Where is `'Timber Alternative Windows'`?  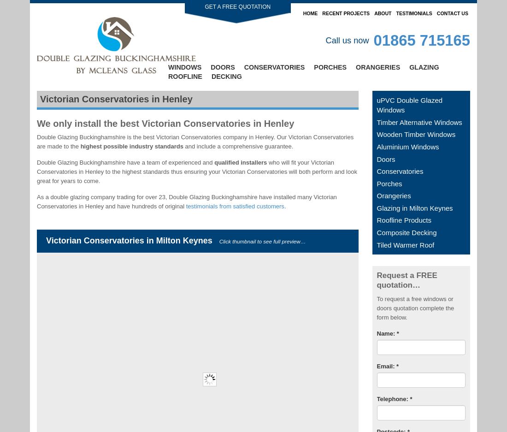
'Timber Alternative Windows' is located at coordinates (376, 122).